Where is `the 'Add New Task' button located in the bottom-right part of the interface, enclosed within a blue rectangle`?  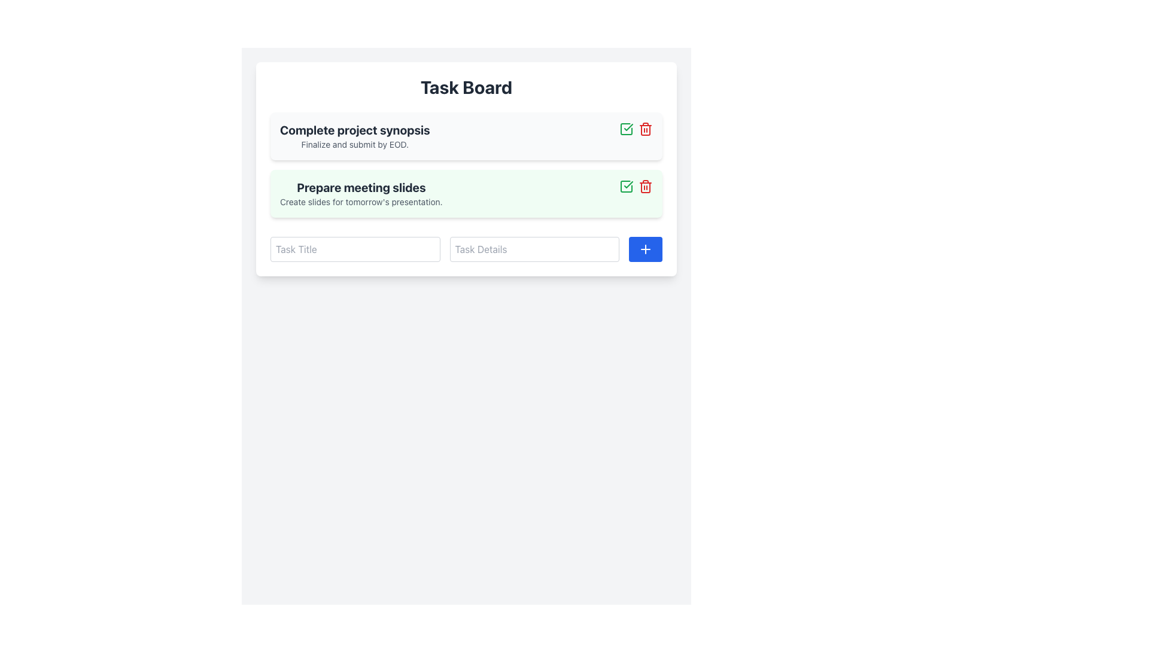
the 'Add New Task' button located in the bottom-right part of the interface, enclosed within a blue rectangle is located at coordinates (645, 248).